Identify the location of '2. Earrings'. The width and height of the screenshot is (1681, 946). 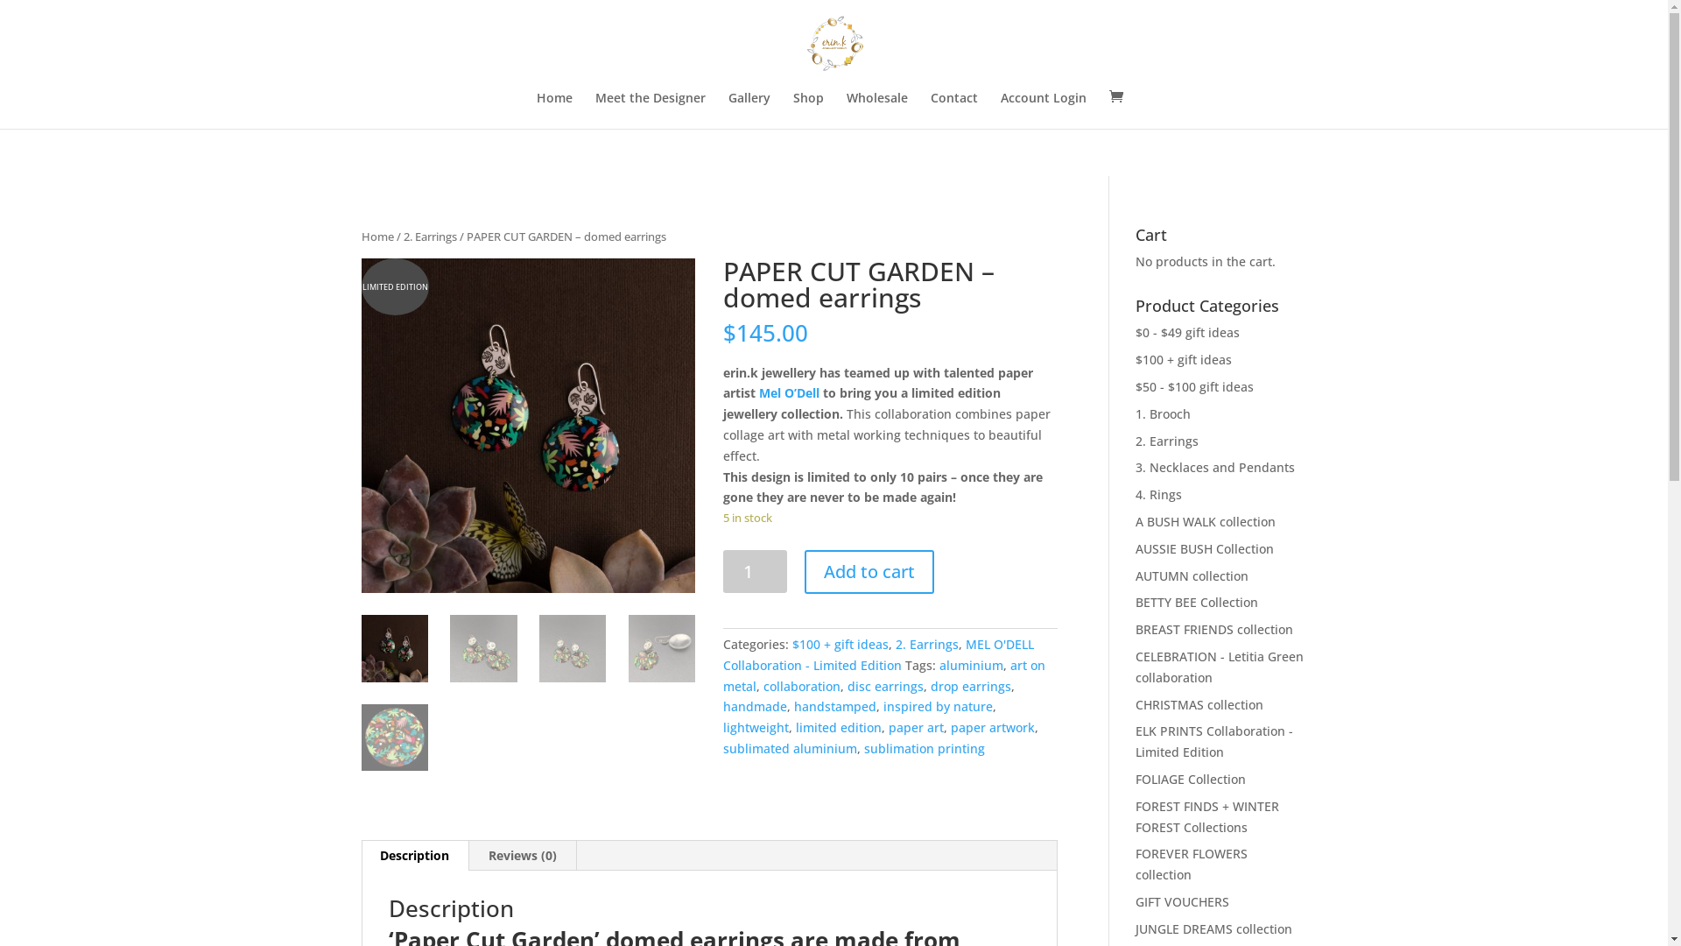
(429, 236).